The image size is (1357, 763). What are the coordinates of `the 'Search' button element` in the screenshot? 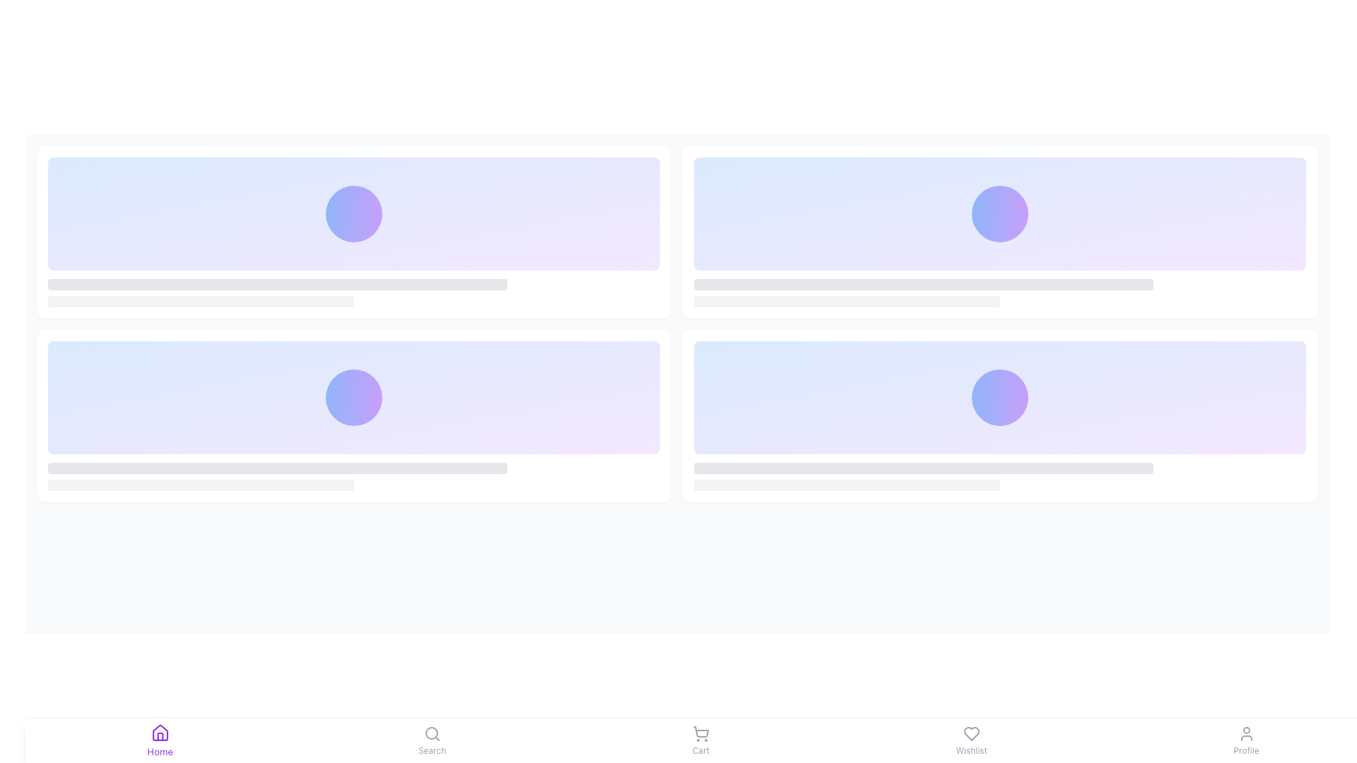 It's located at (431, 740).